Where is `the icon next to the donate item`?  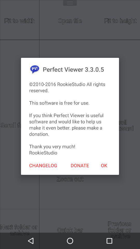
the icon next to the donate item is located at coordinates (43, 165).